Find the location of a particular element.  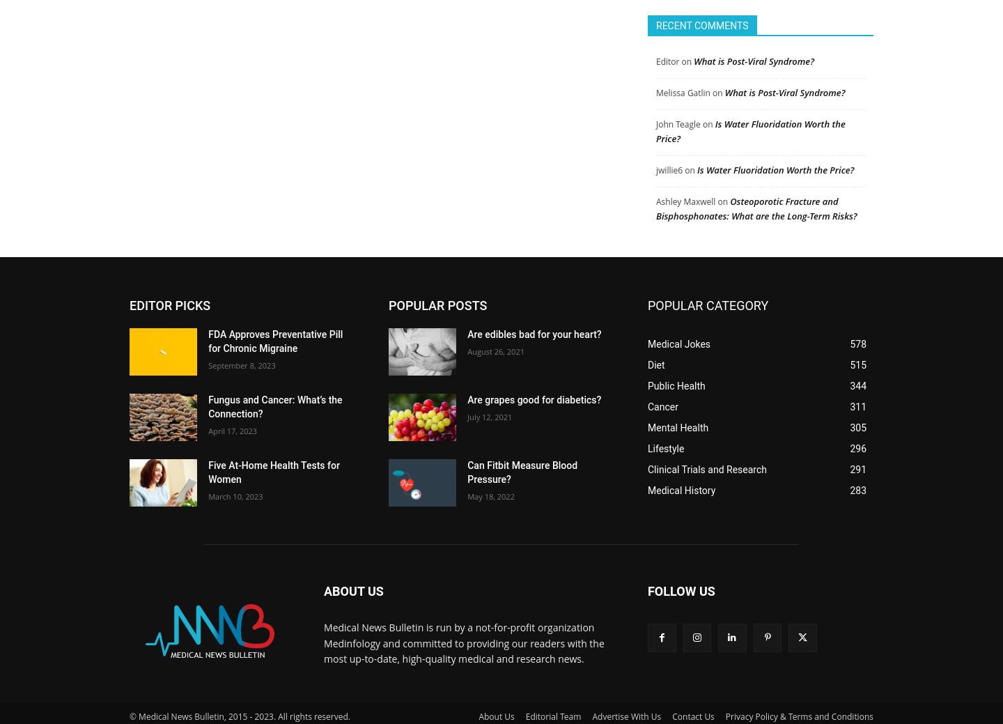

'Melissa Gatlin' is located at coordinates (682, 86).